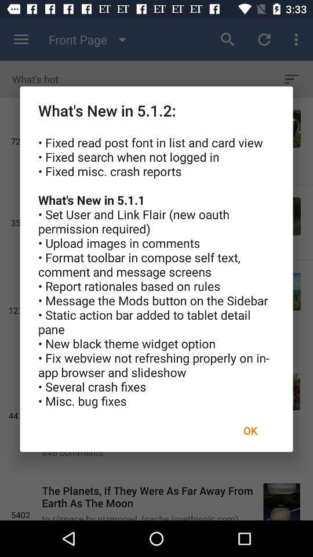 This screenshot has width=313, height=557. Describe the element at coordinates (250, 430) in the screenshot. I see `ok icon` at that location.